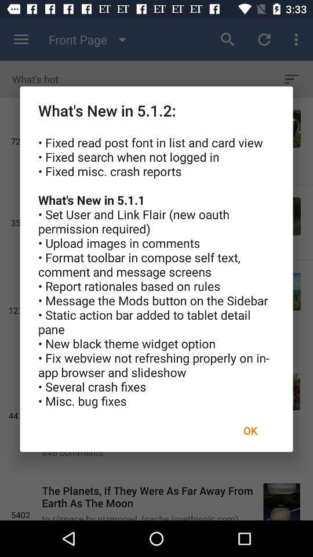 This screenshot has width=313, height=557. Describe the element at coordinates (250, 430) in the screenshot. I see `ok icon` at that location.